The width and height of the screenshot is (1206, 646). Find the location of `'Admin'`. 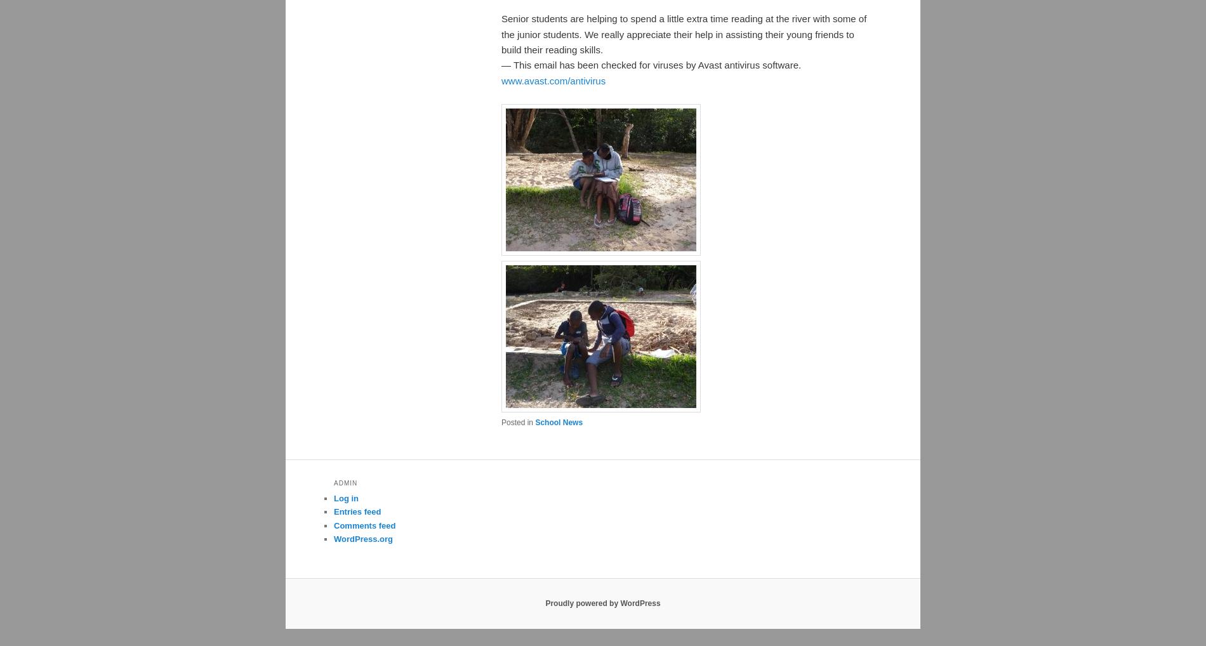

'Admin' is located at coordinates (345, 482).